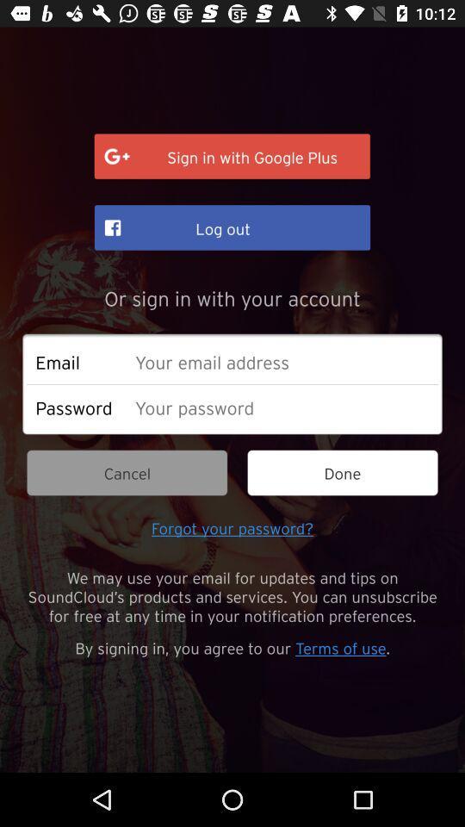 Image resolution: width=465 pixels, height=827 pixels. I want to click on done icon, so click(343, 473).